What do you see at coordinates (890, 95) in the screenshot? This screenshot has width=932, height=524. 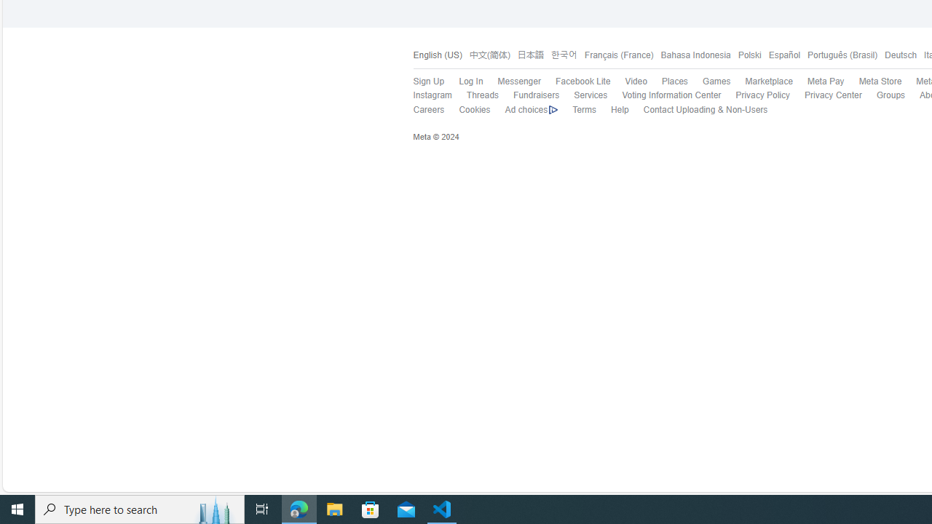 I see `'Groups'` at bounding box center [890, 95].